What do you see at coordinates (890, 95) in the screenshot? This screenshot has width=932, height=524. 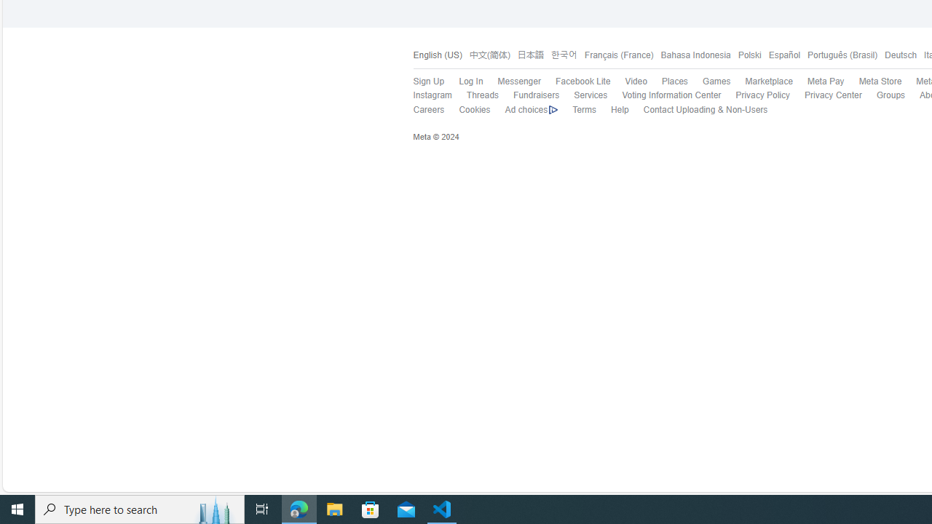 I see `'Groups'` at bounding box center [890, 95].